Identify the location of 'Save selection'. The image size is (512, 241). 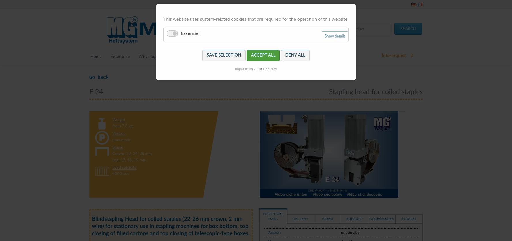
(223, 55).